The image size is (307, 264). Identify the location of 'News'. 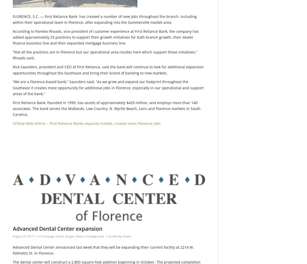
(80, 236).